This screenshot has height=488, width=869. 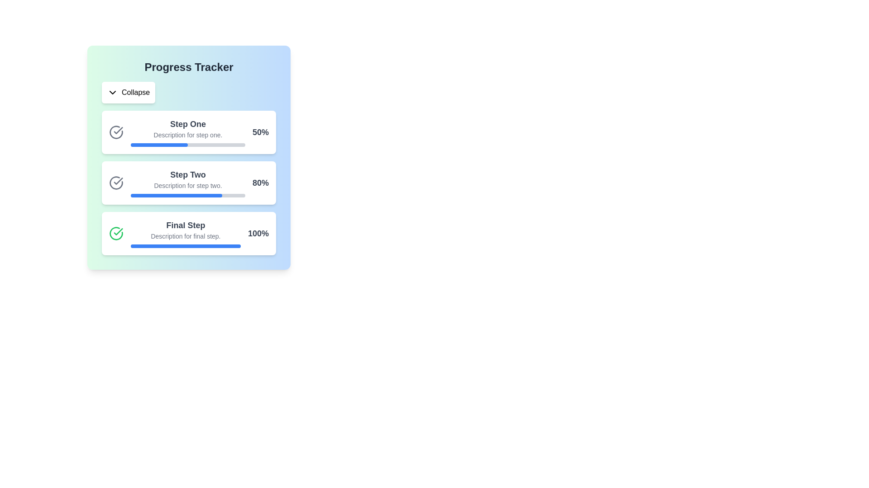 I want to click on text label that displays 'Description for step one.' positioned directly beneath the main header 'Step One' in the progress tracker, so click(x=187, y=135).